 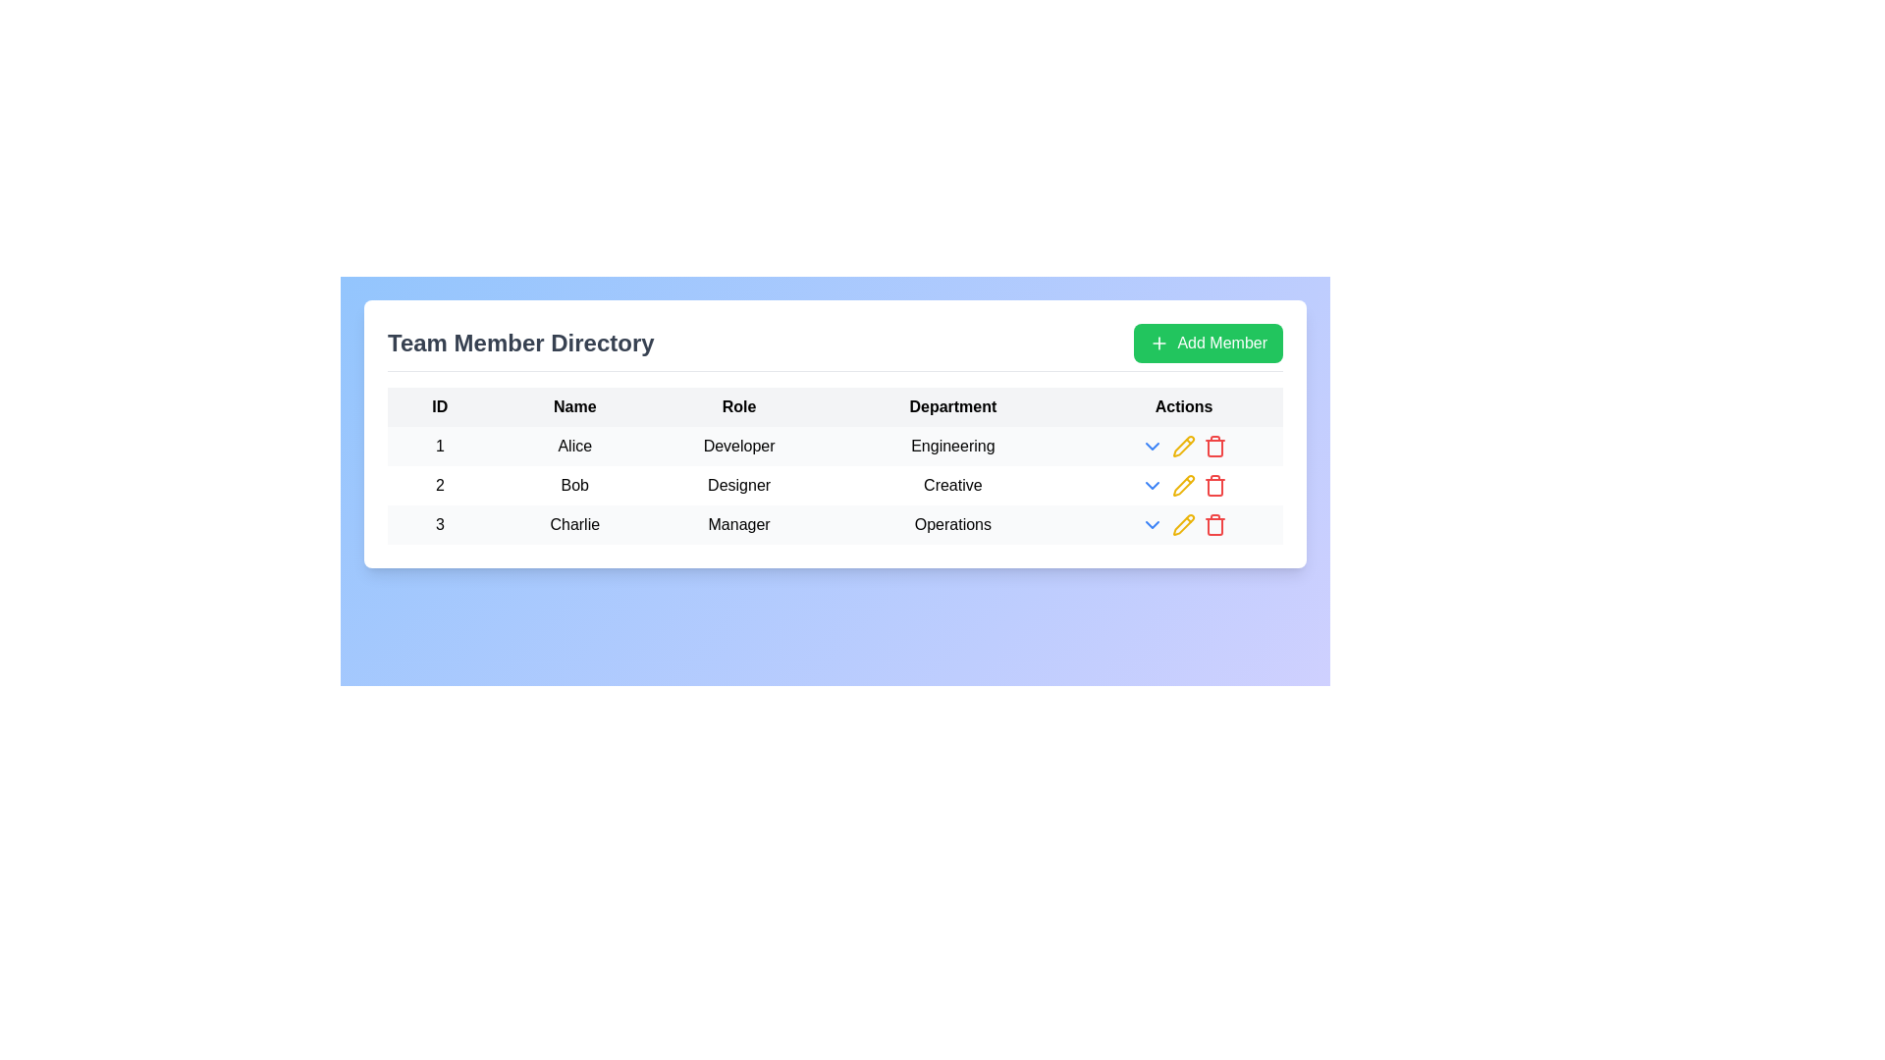 I want to click on the second row in the table displaying information about 'Bob', so click(x=835, y=485).